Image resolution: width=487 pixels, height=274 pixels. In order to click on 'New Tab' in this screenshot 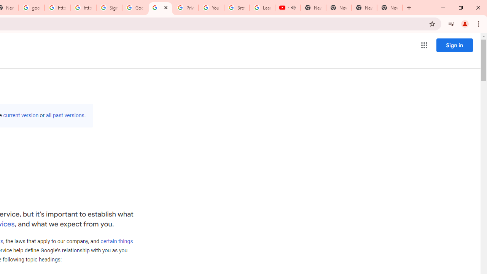, I will do `click(390, 8)`.